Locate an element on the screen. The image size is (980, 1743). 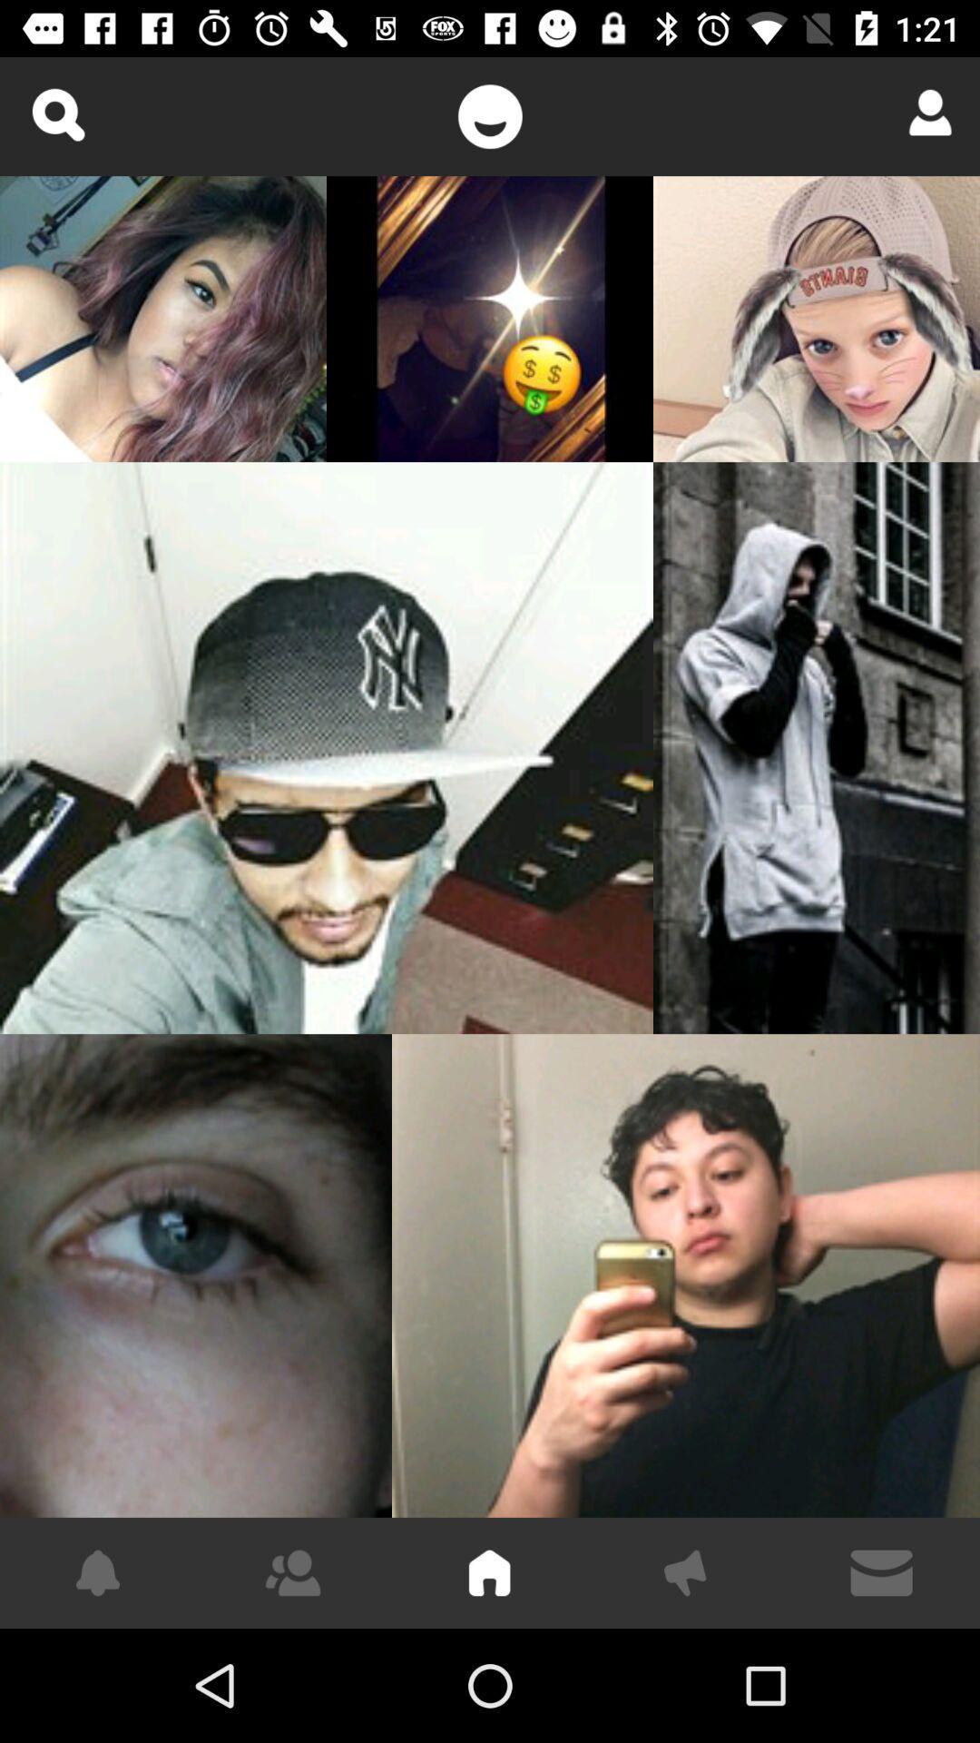
icon on the right is located at coordinates (815, 748).